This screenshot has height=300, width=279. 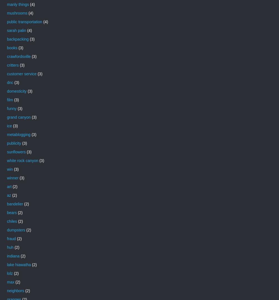 What do you see at coordinates (15, 203) in the screenshot?
I see `'bandelier'` at bounding box center [15, 203].